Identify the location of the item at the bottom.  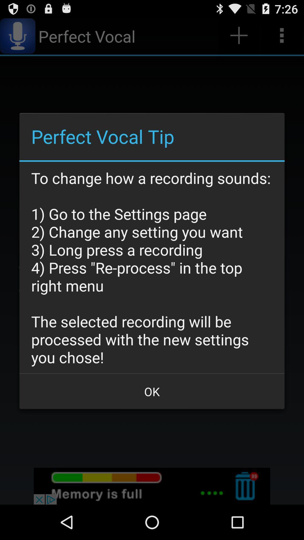
(152, 391).